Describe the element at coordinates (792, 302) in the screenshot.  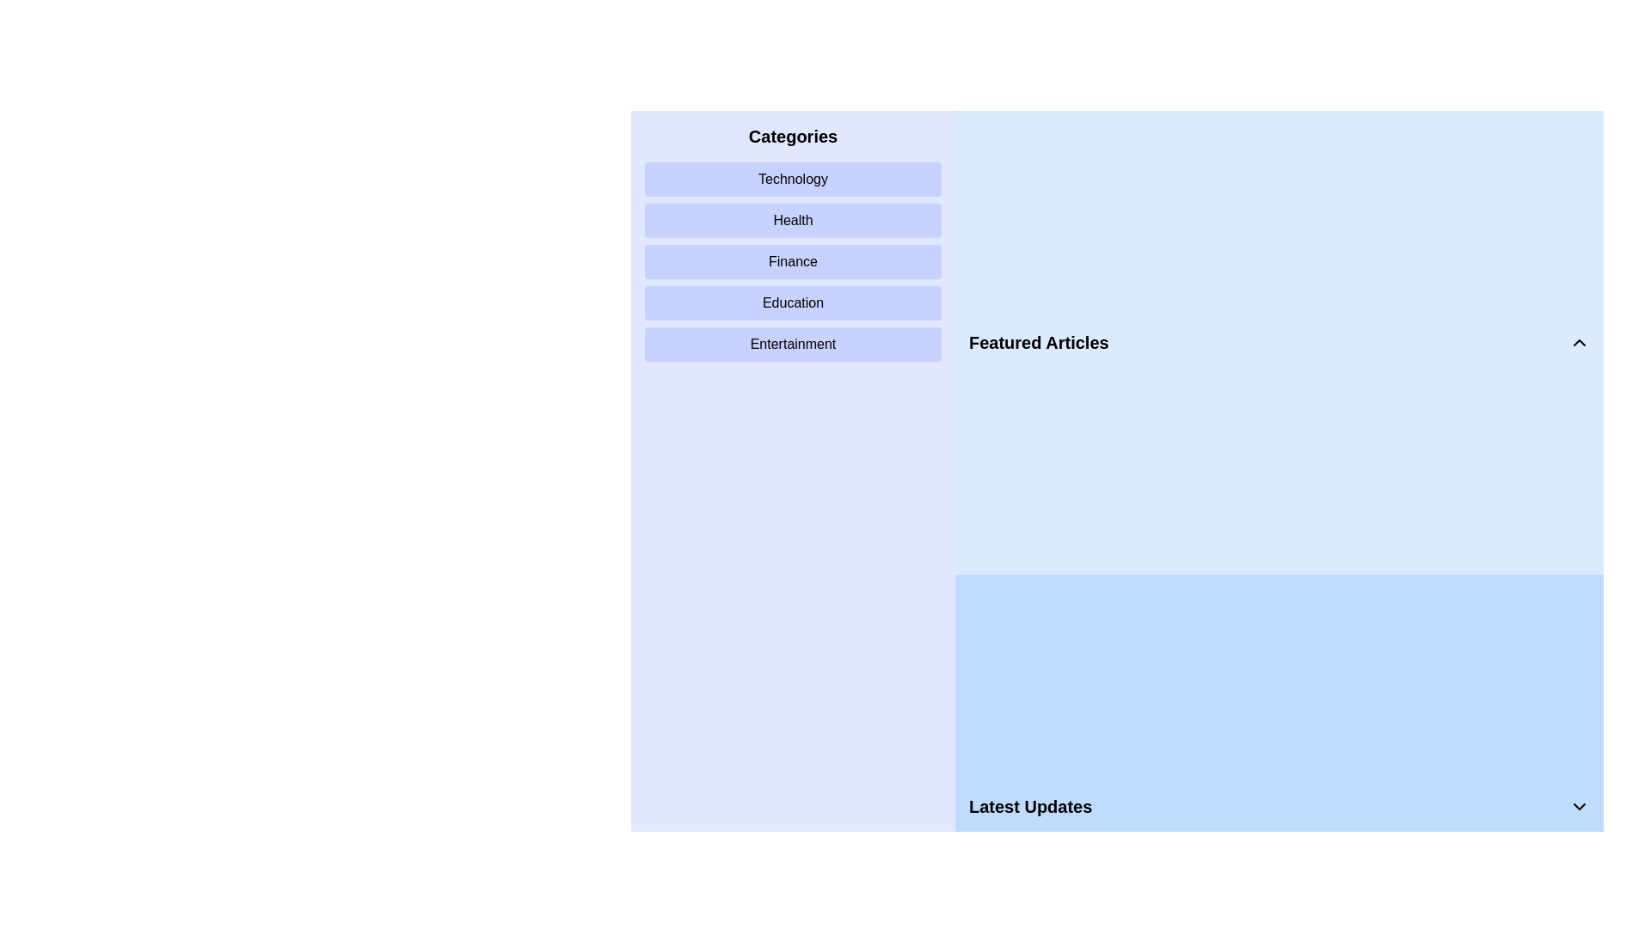
I see `the 'Education' button, which is a light blue rectangular button with rounded corners, located fourth in the vertical list of categories` at that location.